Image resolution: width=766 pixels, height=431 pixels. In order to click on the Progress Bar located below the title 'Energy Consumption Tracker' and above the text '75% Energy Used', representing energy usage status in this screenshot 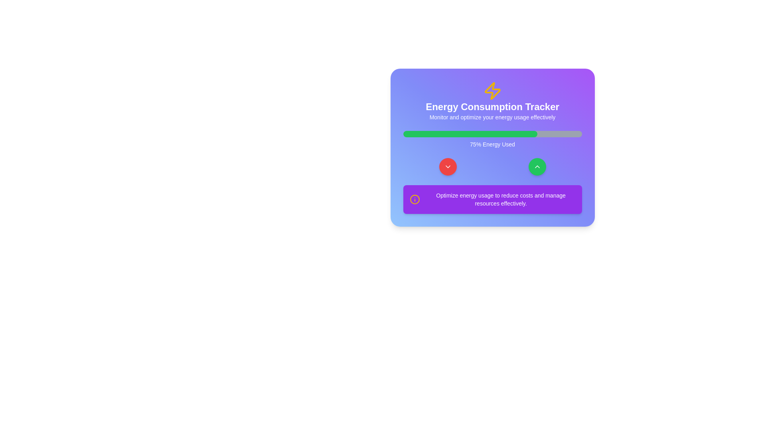, I will do `click(492, 133)`.